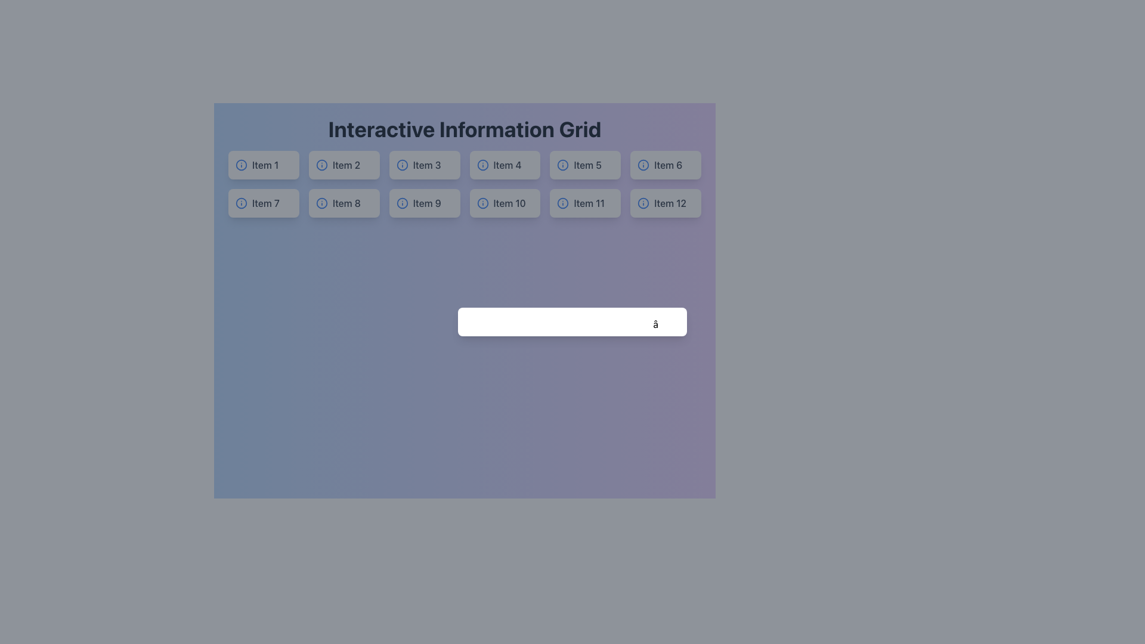 The image size is (1145, 644). I want to click on the small circular blue icon with an 'i' symbol located inside the button labeled 'Item 5', so click(562, 165).